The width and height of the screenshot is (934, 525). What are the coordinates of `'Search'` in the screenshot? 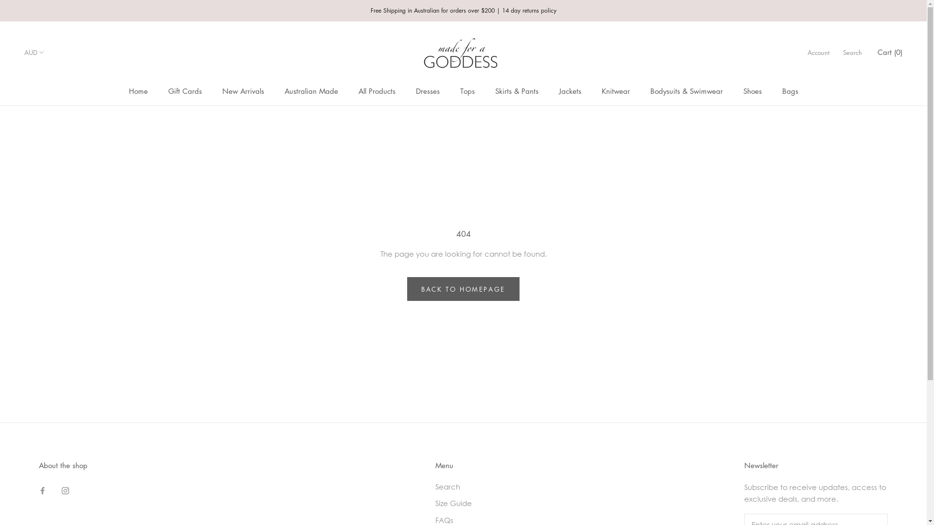 It's located at (852, 52).